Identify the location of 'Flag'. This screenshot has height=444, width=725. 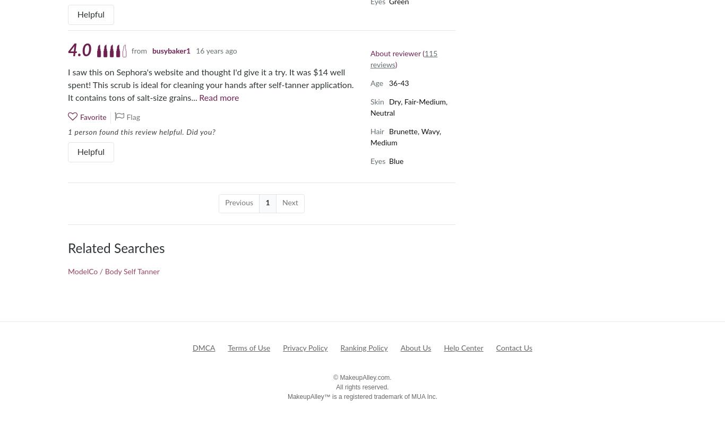
(126, 116).